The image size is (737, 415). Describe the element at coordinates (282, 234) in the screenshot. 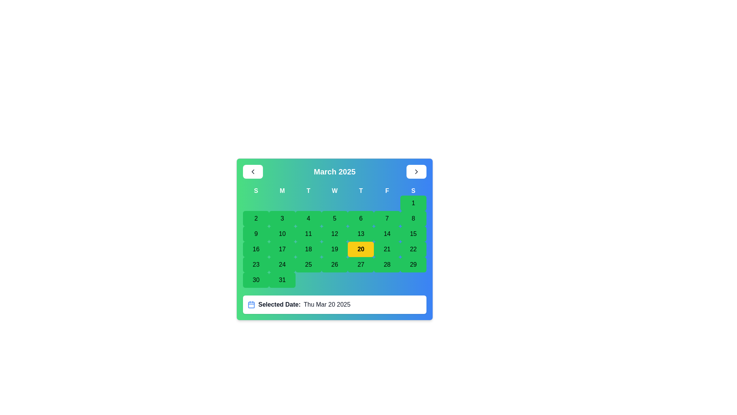

I see `the green button labeled '10'` at that location.